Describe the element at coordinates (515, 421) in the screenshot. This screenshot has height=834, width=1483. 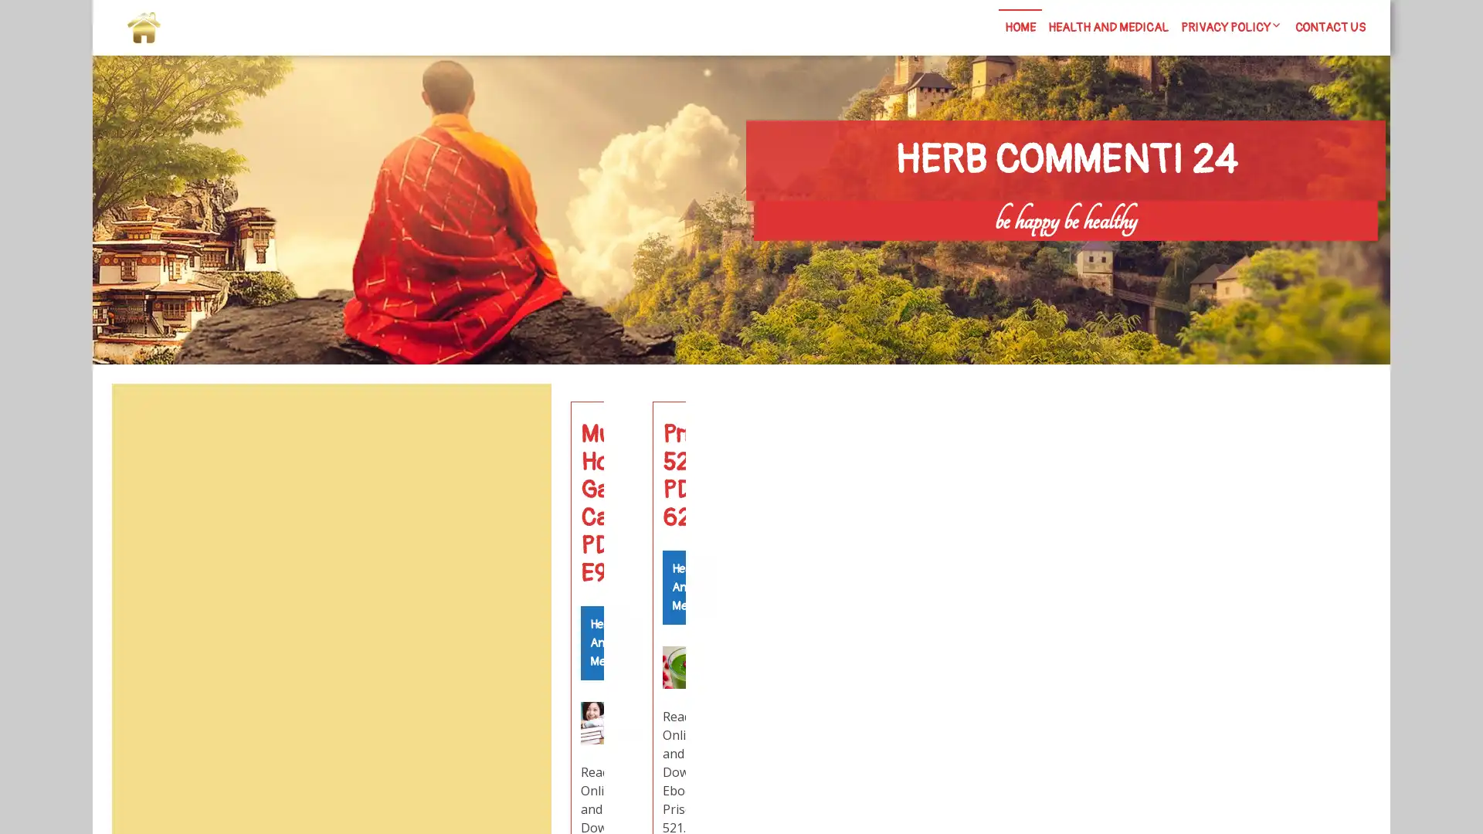
I see `Search` at that location.